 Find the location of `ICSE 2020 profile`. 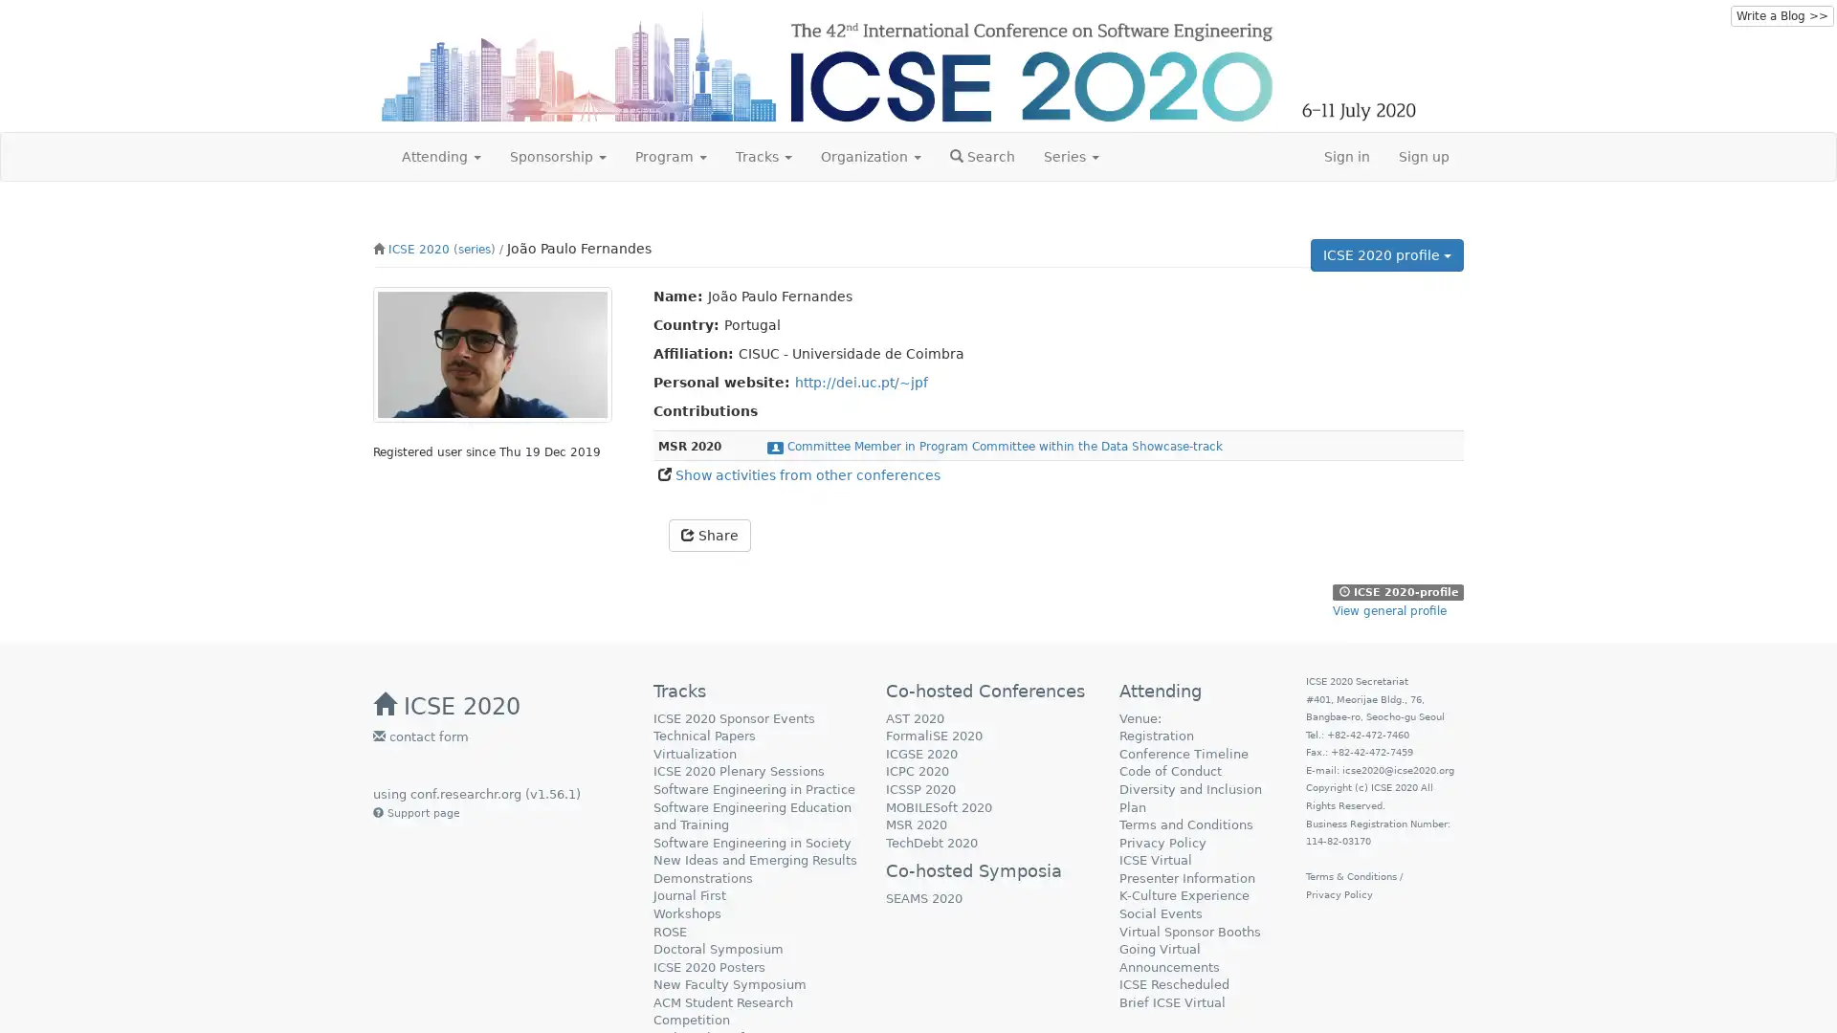

ICSE 2020 profile is located at coordinates (1386, 253).